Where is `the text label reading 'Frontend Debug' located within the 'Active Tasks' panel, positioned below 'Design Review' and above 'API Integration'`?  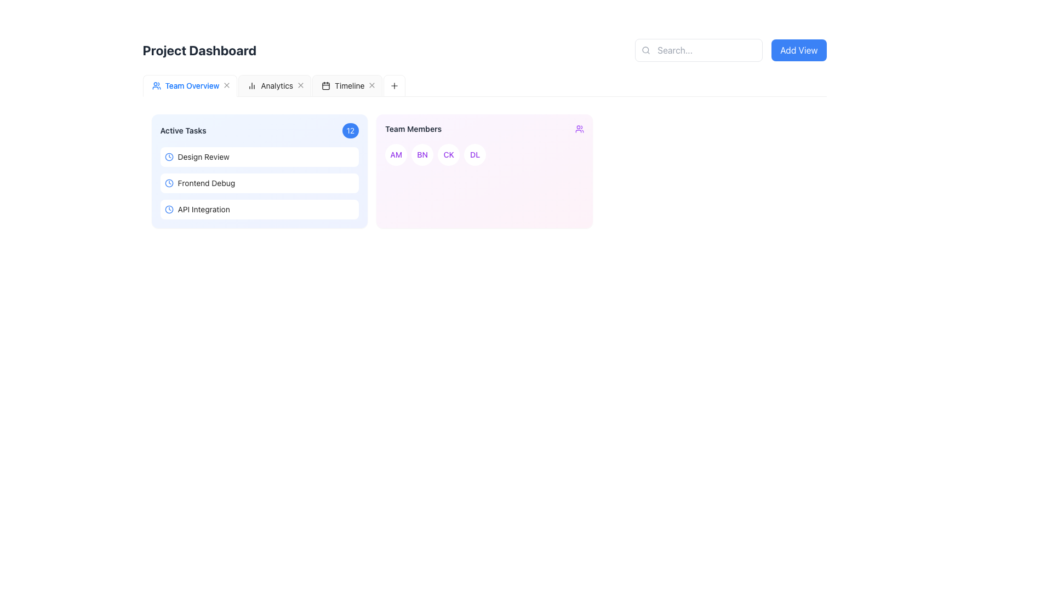 the text label reading 'Frontend Debug' located within the 'Active Tasks' panel, positioned below 'Design Review' and above 'API Integration' is located at coordinates (206, 183).